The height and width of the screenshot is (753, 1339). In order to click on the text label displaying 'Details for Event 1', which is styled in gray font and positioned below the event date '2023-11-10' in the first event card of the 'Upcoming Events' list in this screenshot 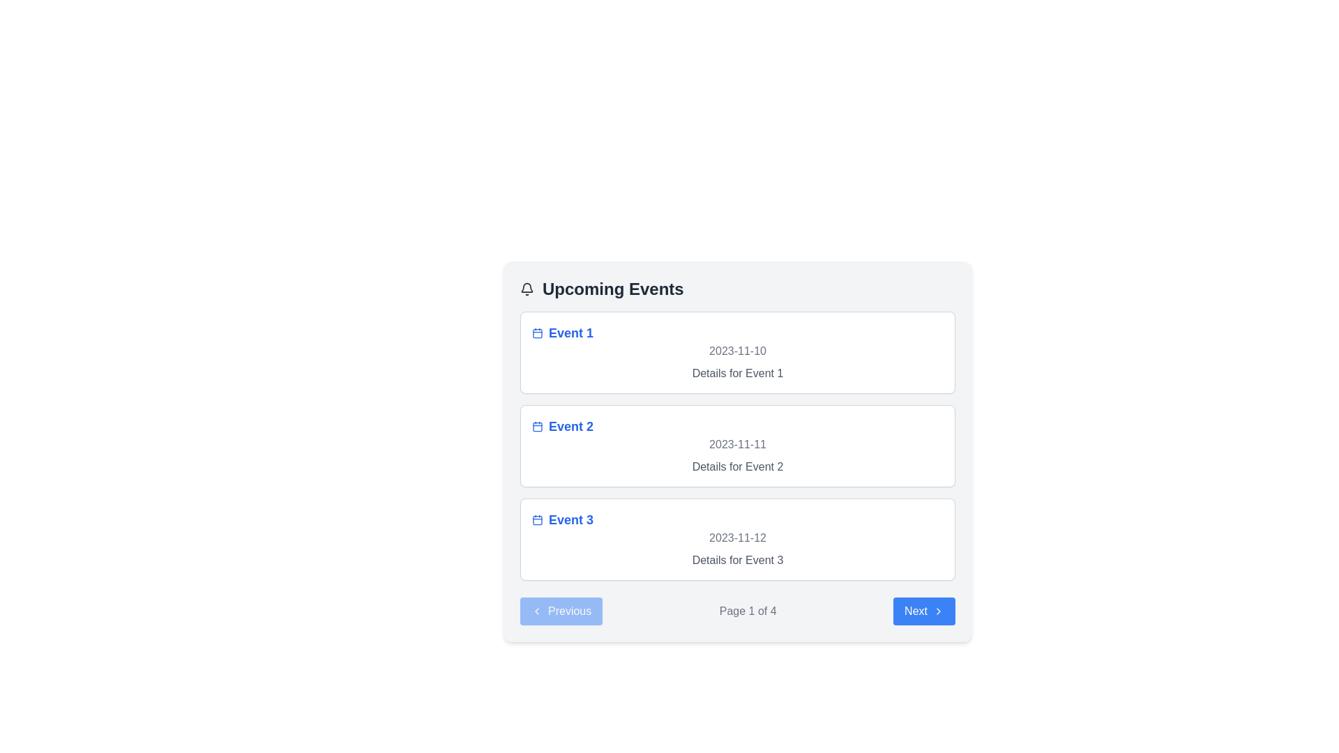, I will do `click(736, 373)`.